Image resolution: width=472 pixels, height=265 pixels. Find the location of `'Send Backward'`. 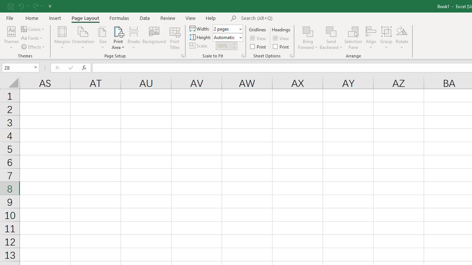

'Send Backward' is located at coordinates (331, 31).